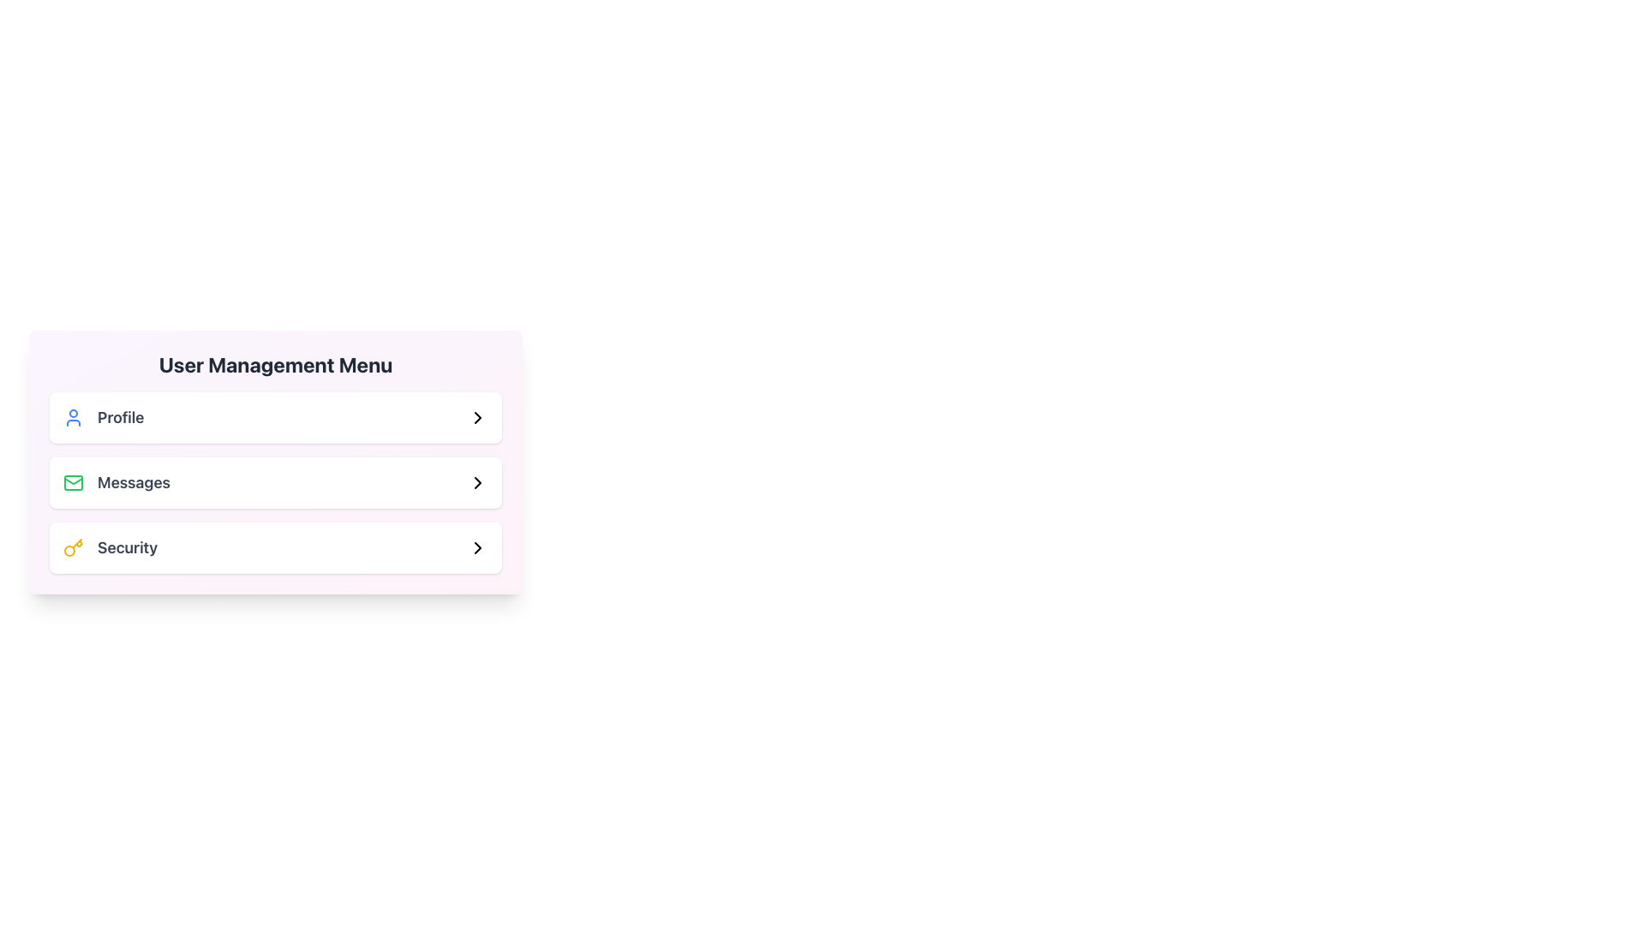 The width and height of the screenshot is (1645, 925). I want to click on the rectangular body of the envelope icon in the 'Messages' section of the menu, which is part of an SVG graphic, so click(73, 482).